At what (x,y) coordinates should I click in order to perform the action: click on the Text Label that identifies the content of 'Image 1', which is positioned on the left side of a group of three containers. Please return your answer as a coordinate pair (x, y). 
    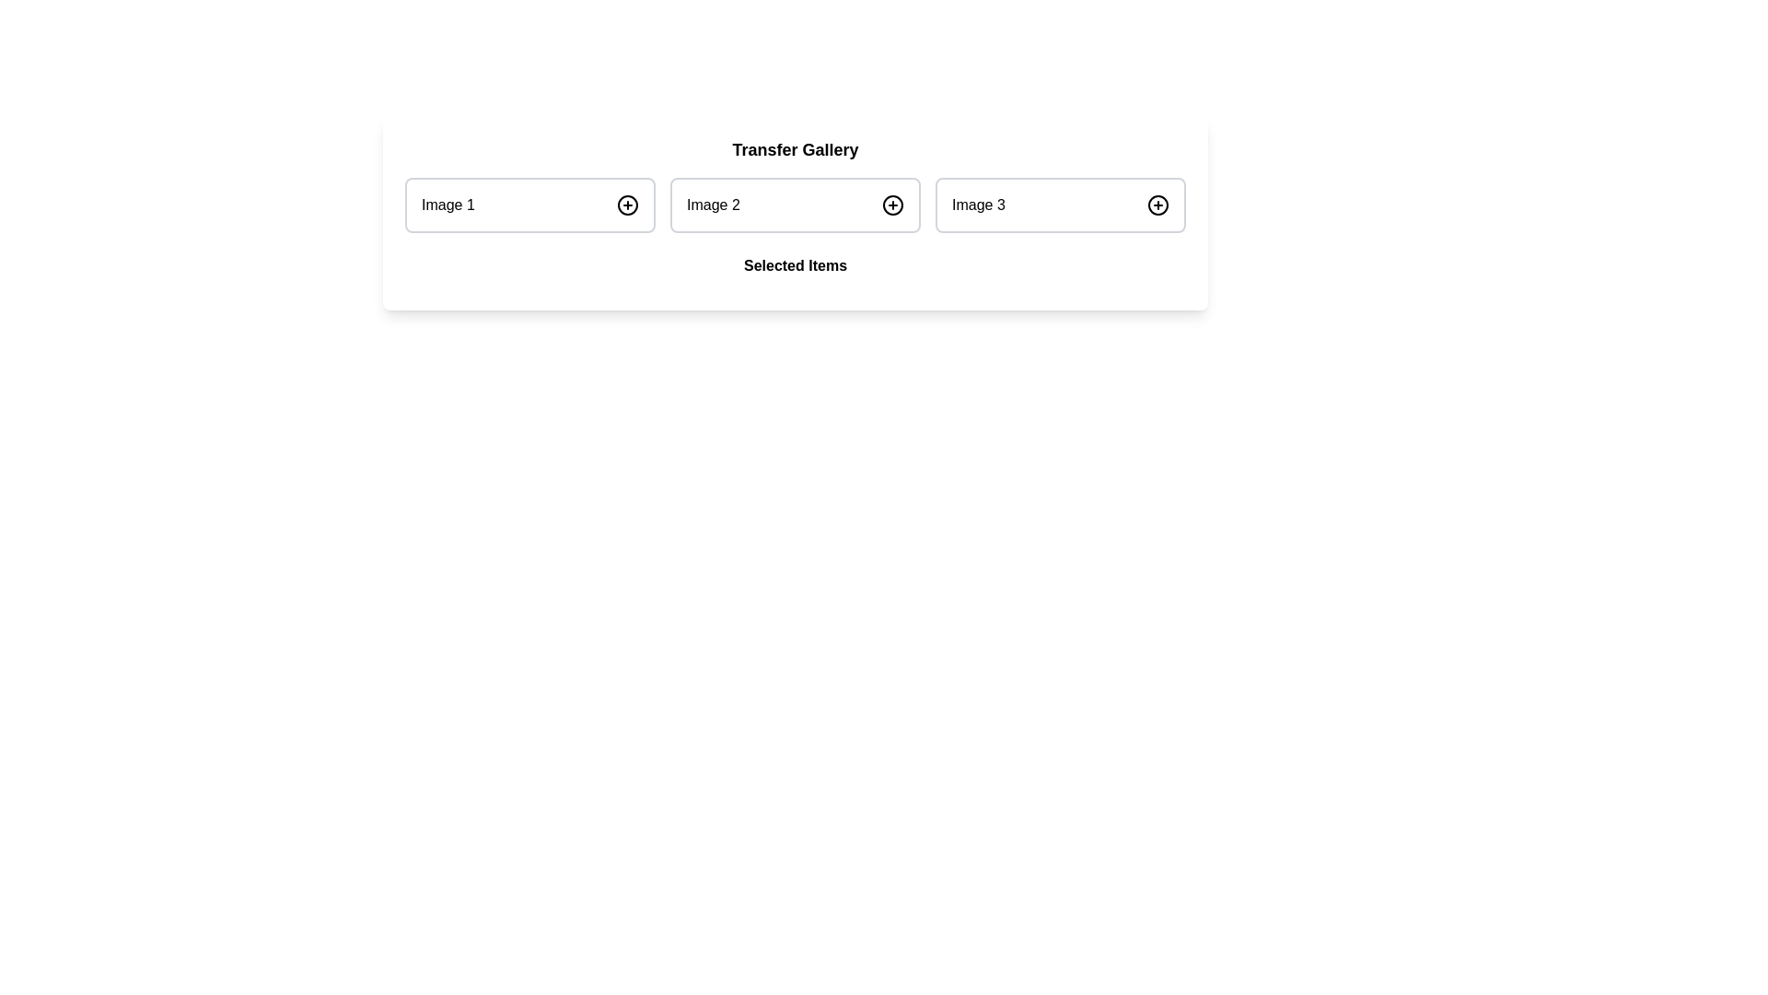
    Looking at the image, I should click on (448, 205).